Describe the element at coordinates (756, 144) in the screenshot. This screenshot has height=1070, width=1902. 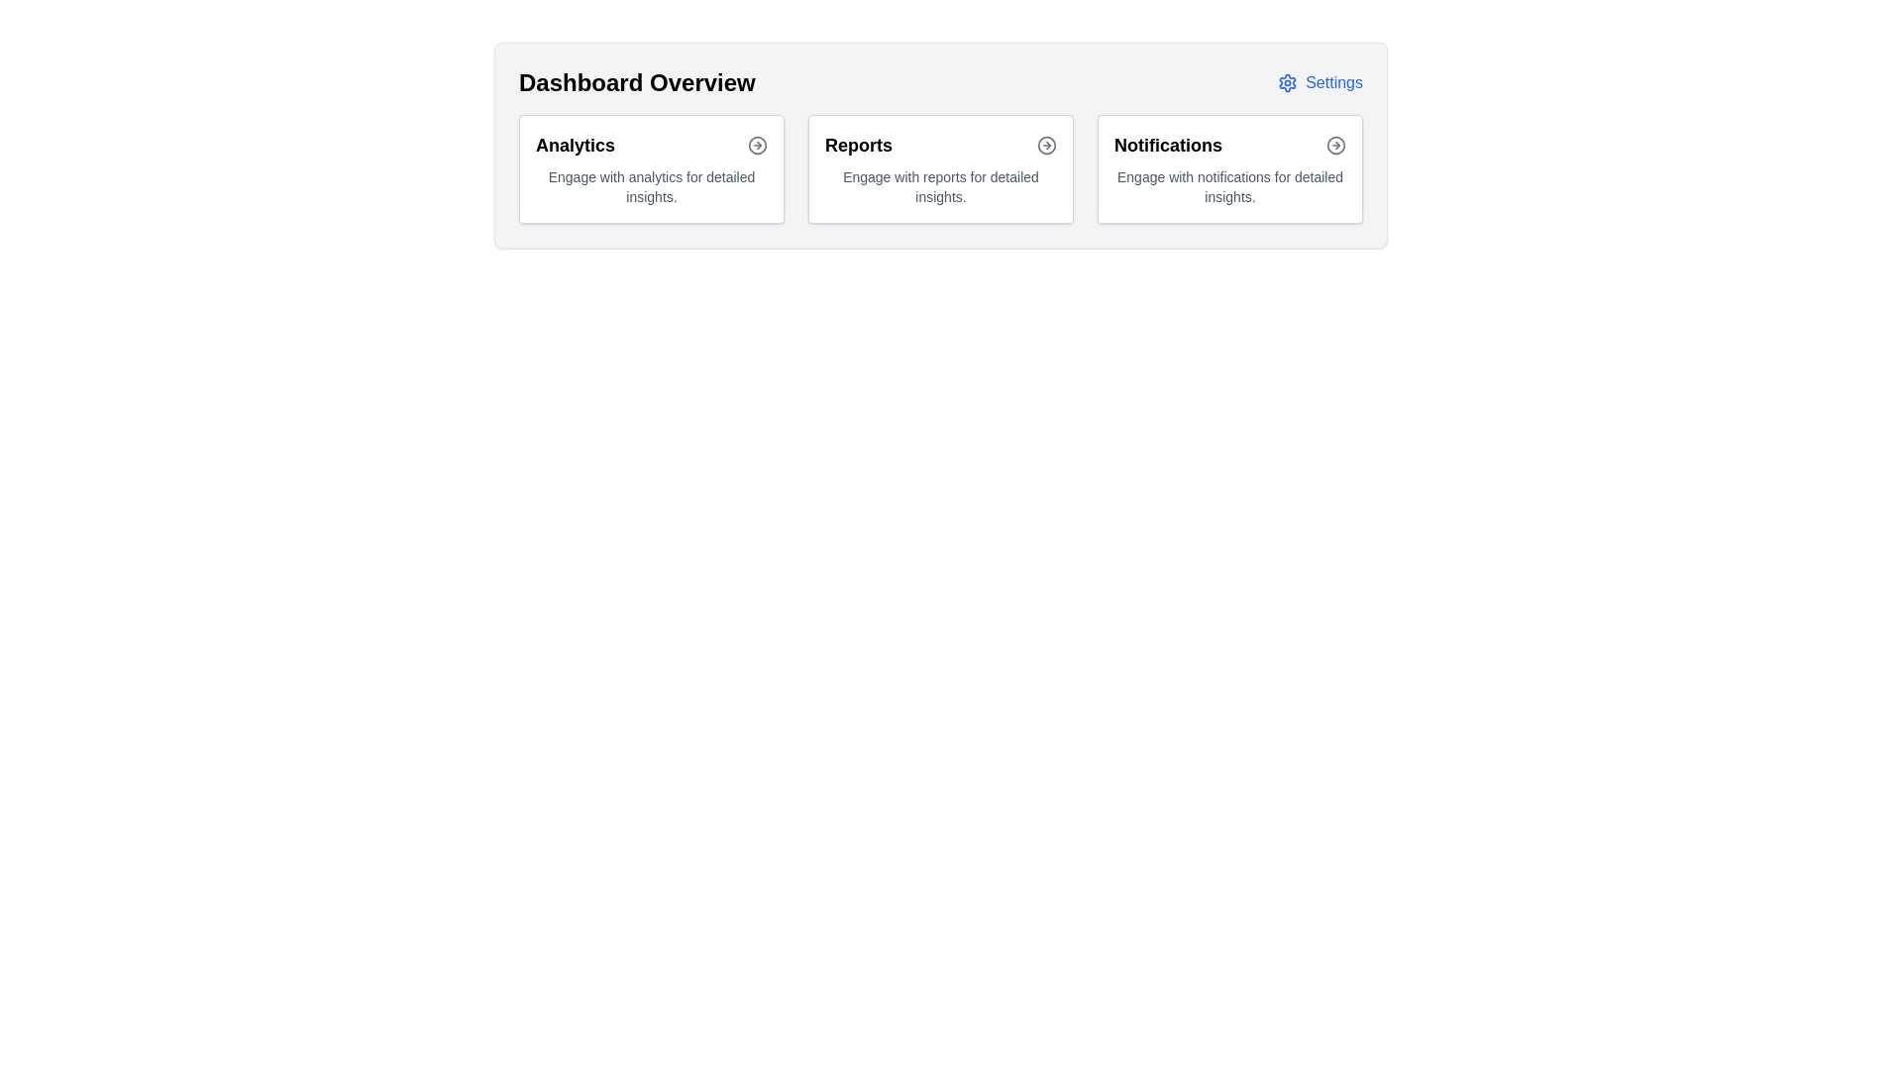
I see `on the icon located at the upper-right corner of the Analytics card, adjacent` at that location.